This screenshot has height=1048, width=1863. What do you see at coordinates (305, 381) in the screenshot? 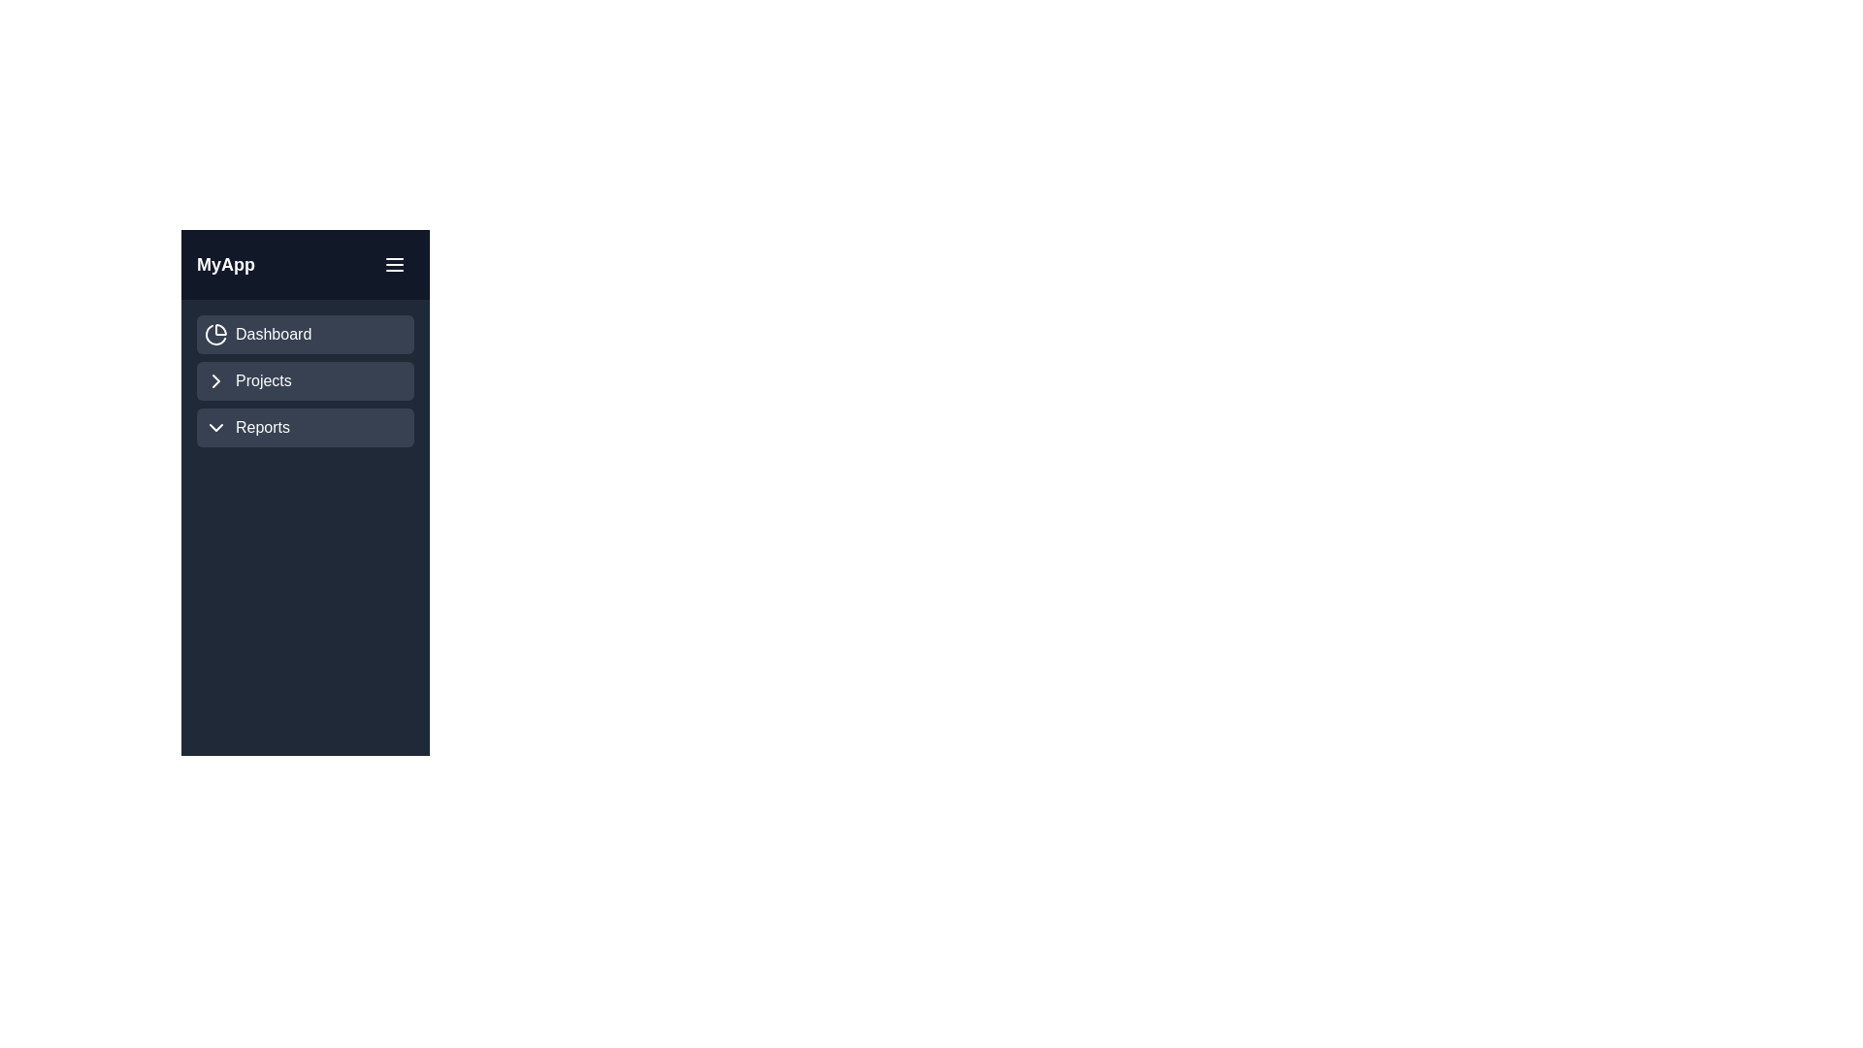
I see `the 'Projects' menu item` at bounding box center [305, 381].